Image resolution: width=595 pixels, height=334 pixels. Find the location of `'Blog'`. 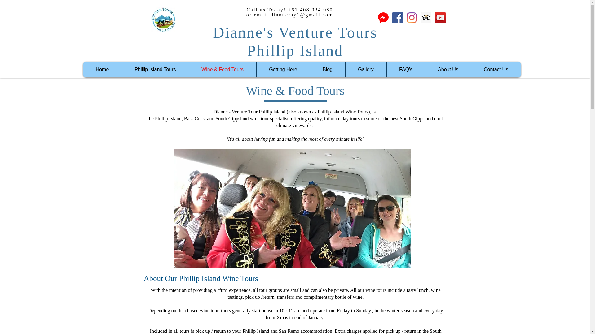

'Blog' is located at coordinates (327, 69).